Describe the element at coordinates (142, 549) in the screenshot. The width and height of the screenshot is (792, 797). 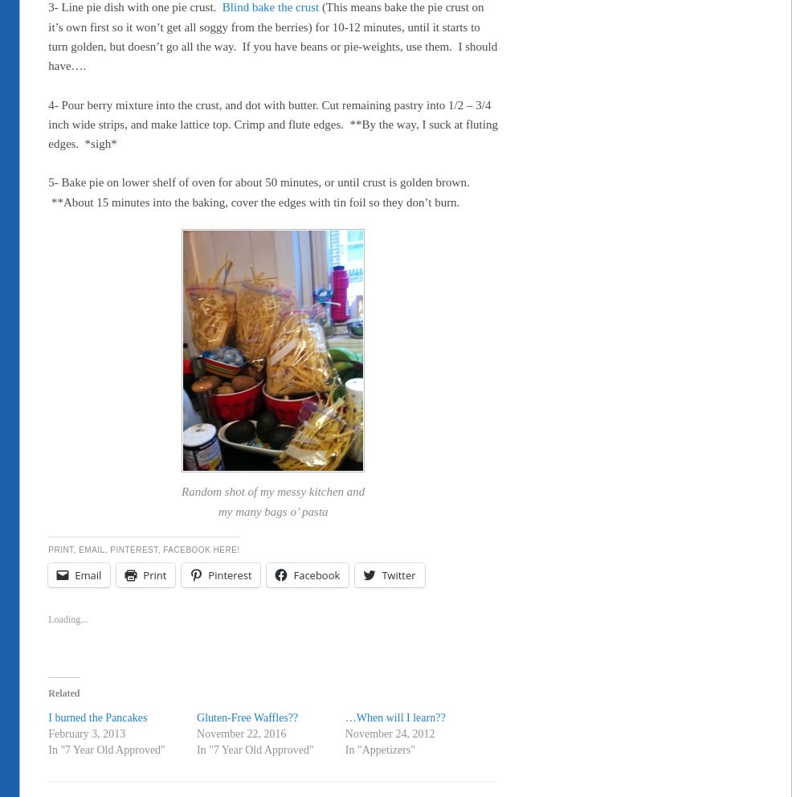
I see `'Print, Email, Pinterest, Facebook HERE!'` at that location.